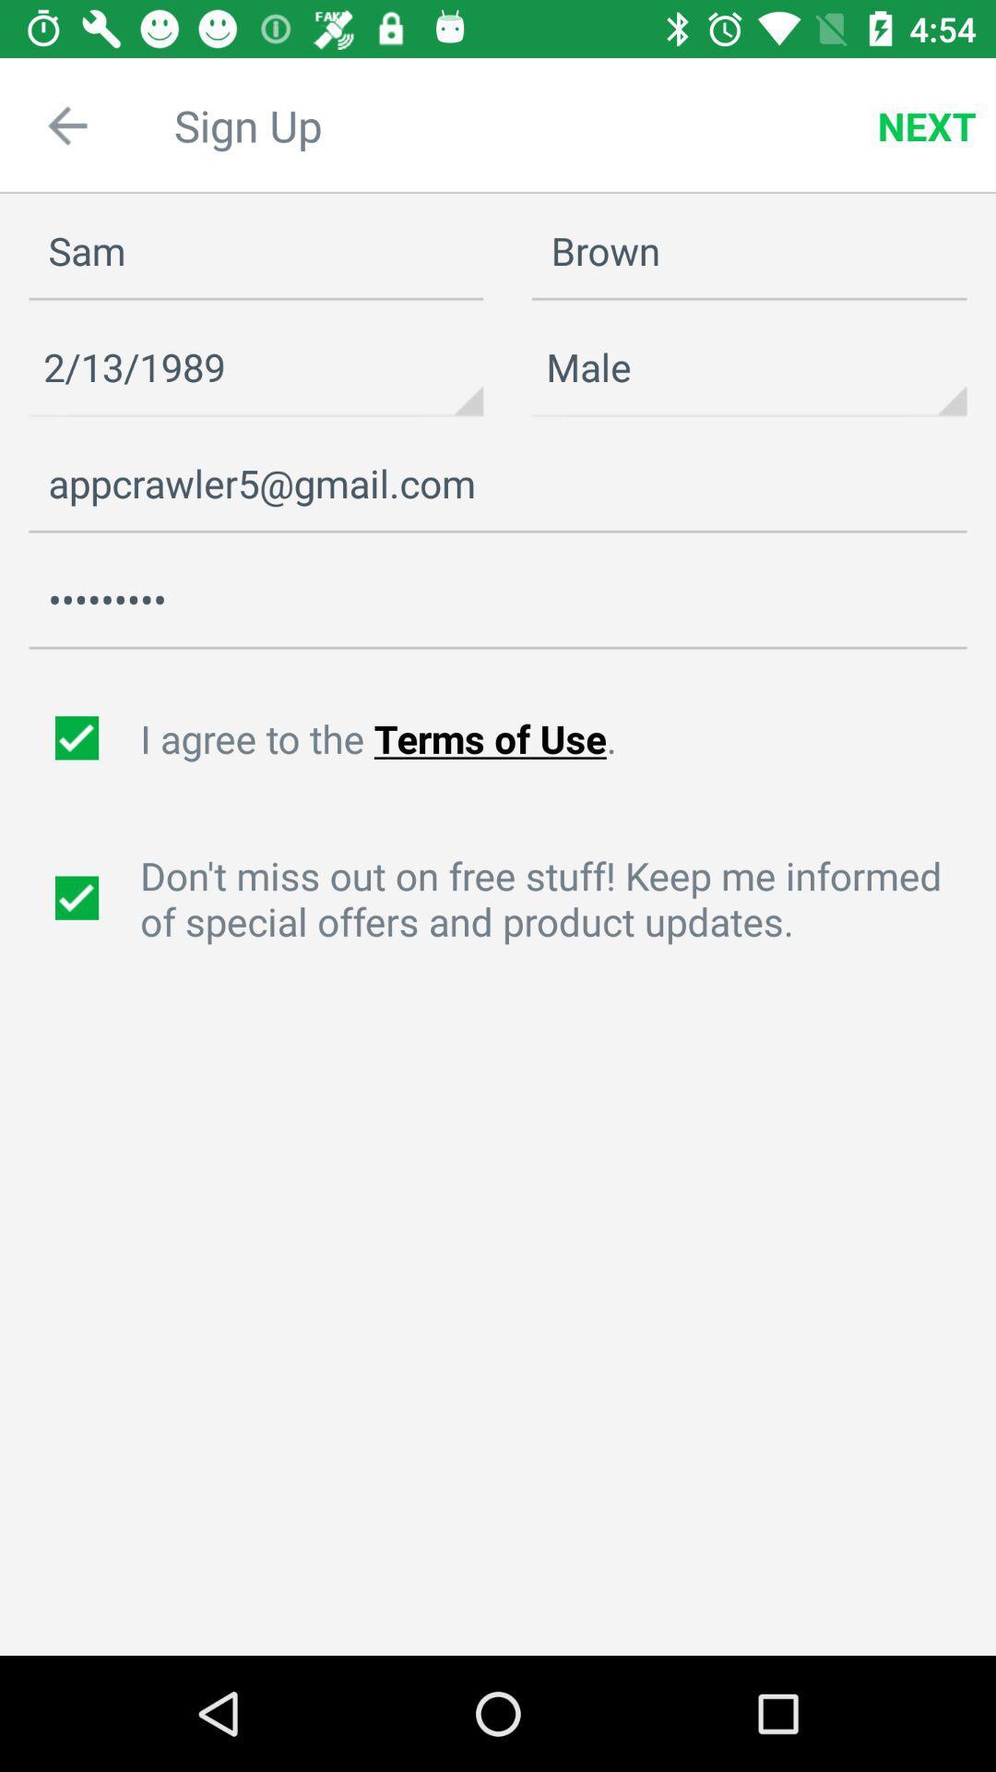 The height and width of the screenshot is (1772, 996). Describe the element at coordinates (66, 125) in the screenshot. I see `the icon next to the sign up icon` at that location.